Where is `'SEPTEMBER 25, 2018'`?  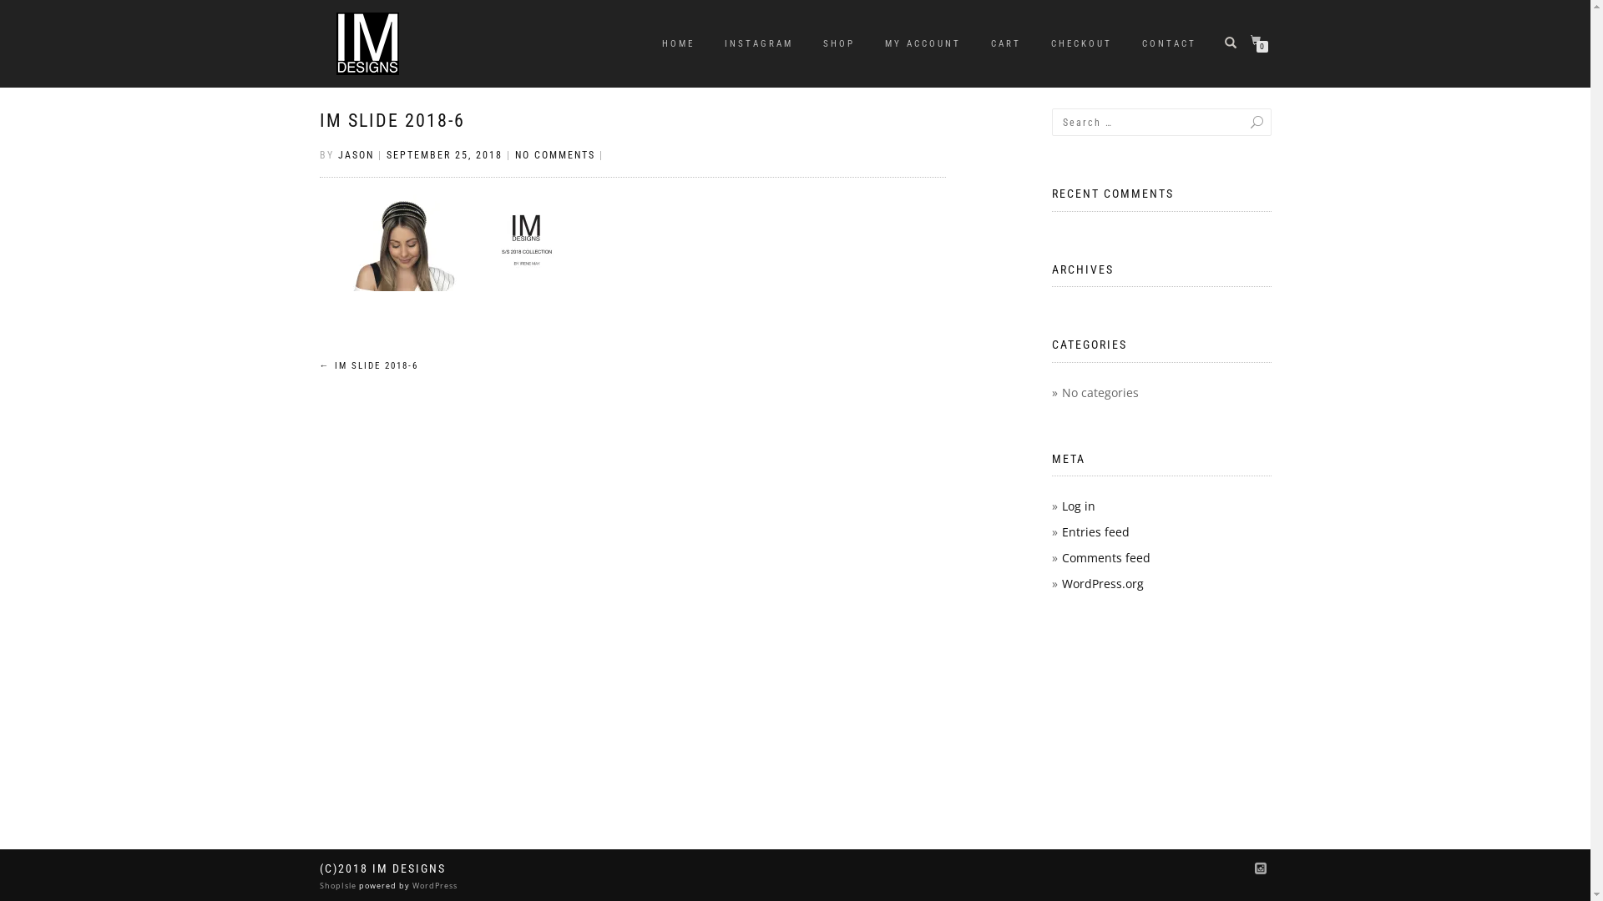
'SEPTEMBER 25, 2018' is located at coordinates (443, 154).